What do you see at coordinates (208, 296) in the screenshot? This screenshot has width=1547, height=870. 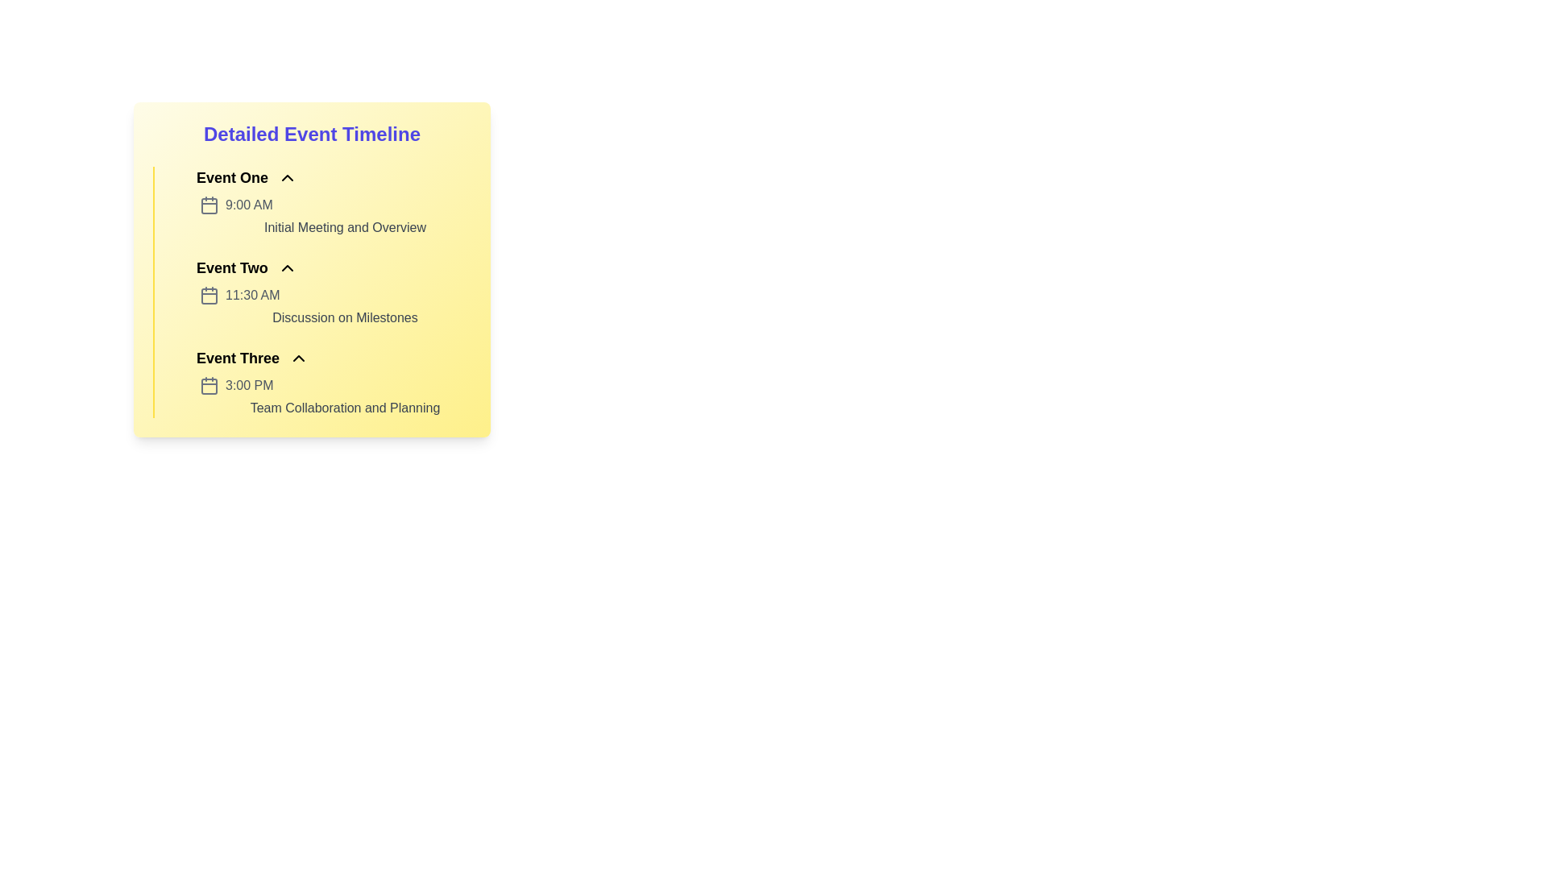 I see `the calendar icon located in the second event block titled 'Event Two'` at bounding box center [208, 296].